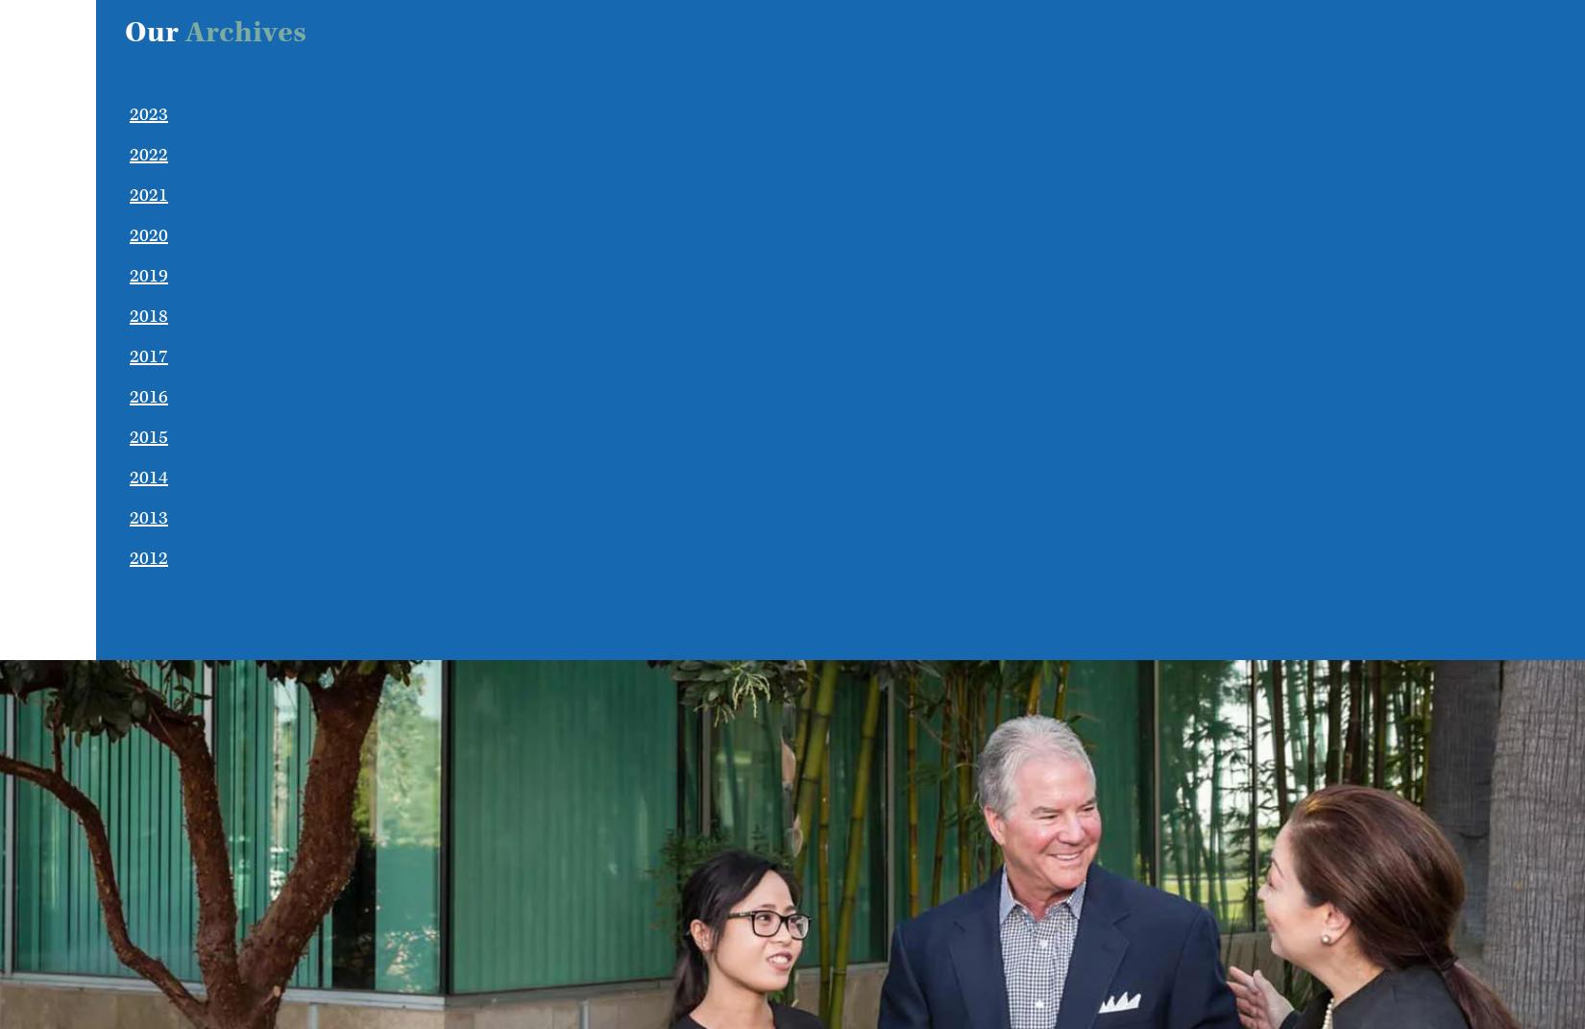  What do you see at coordinates (148, 114) in the screenshot?
I see `'2023'` at bounding box center [148, 114].